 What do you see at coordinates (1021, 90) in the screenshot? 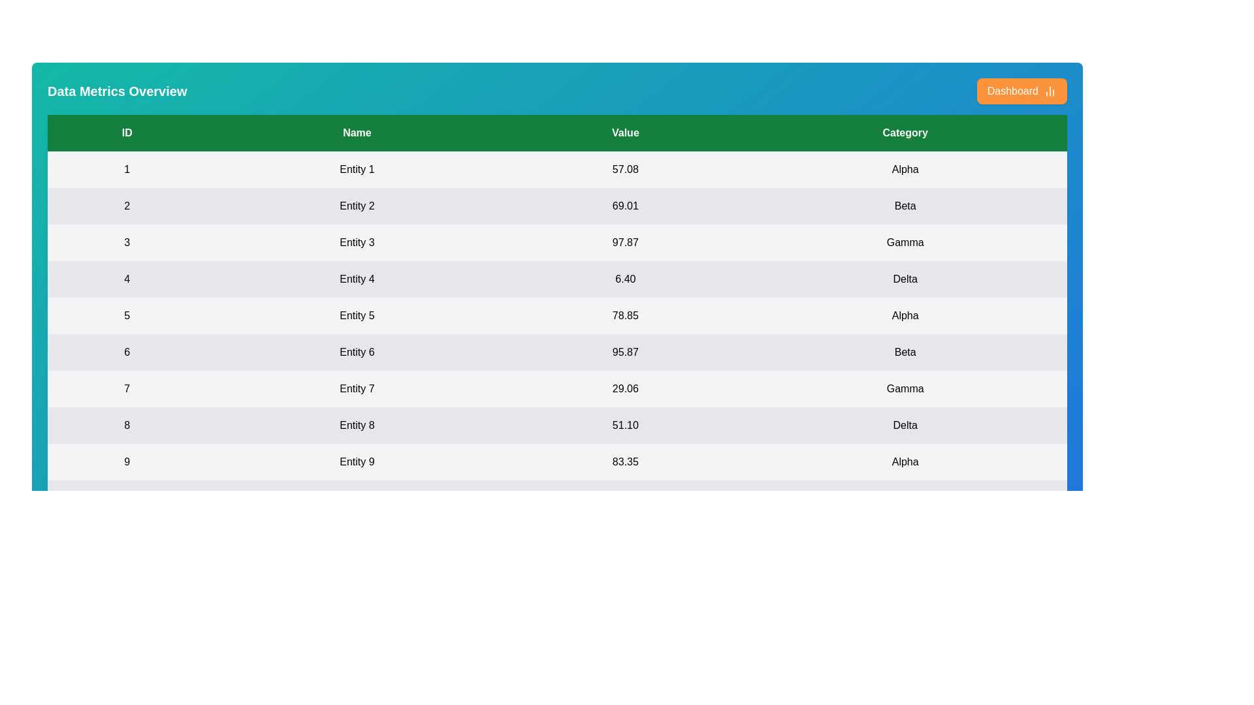
I see `the 'Dashboard' button` at bounding box center [1021, 90].